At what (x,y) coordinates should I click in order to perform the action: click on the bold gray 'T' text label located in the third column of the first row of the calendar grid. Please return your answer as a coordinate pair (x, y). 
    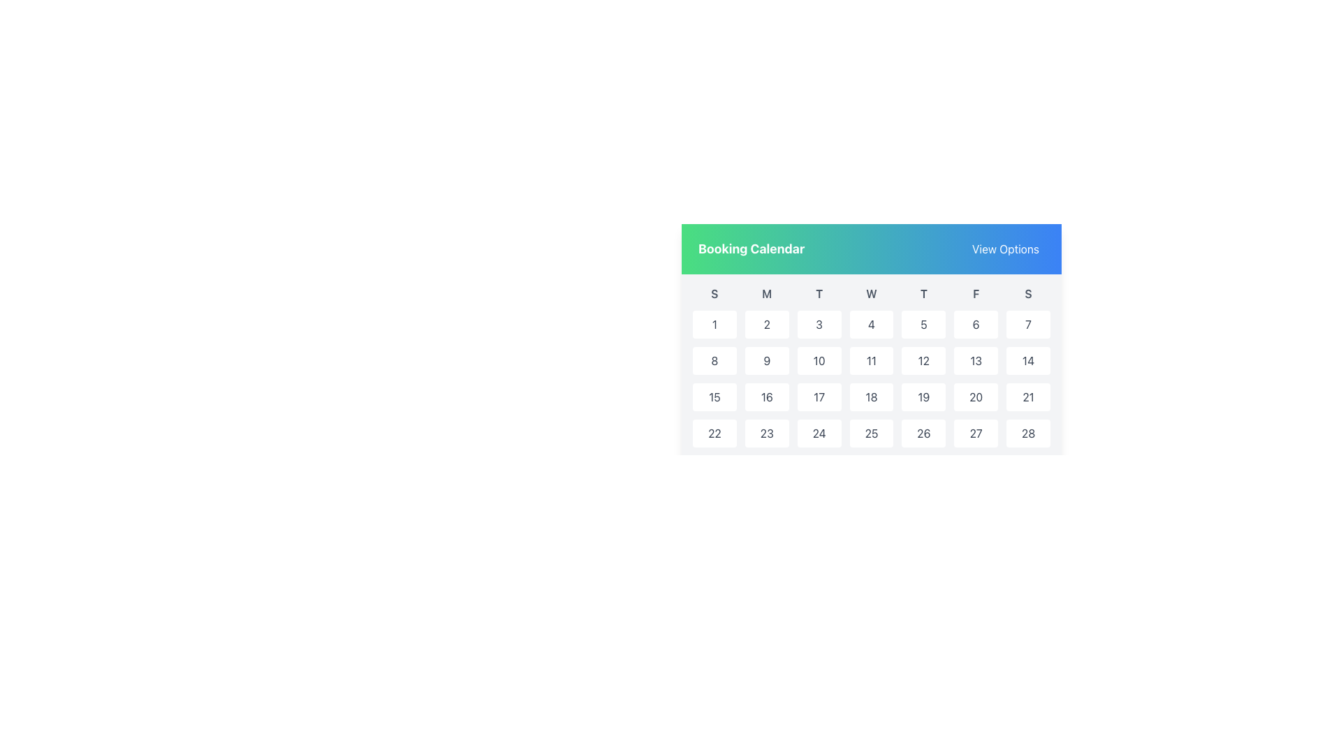
    Looking at the image, I should click on (819, 293).